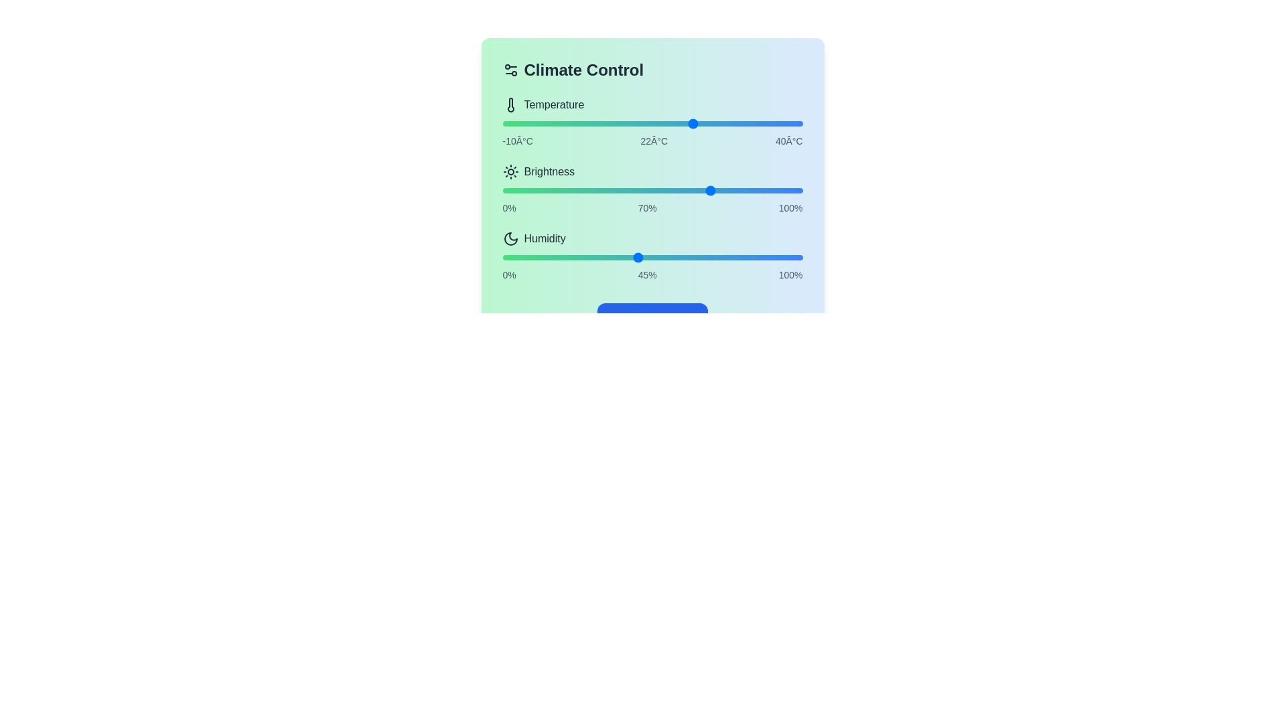 This screenshot has height=723, width=1286. What do you see at coordinates (508, 208) in the screenshot?
I see `the text label displaying '0%' which is the leftmost label in the brightness control section, positioned adjacent to the brightness slider` at bounding box center [508, 208].